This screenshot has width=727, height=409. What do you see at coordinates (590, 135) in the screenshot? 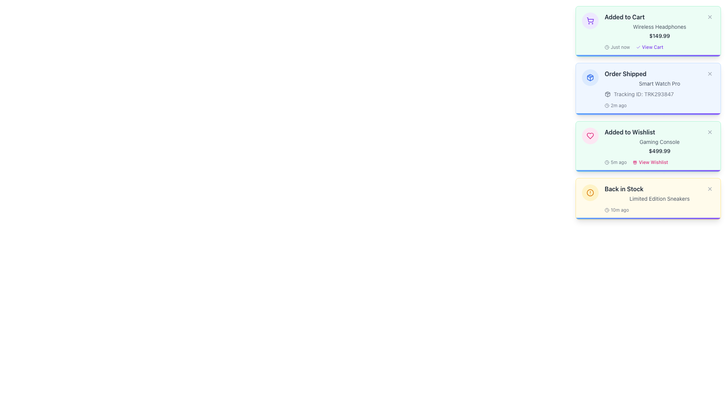
I see `the heart icon within the pink circular background, located at the top-left corner of the 'Added to Wishlist' notification card` at bounding box center [590, 135].